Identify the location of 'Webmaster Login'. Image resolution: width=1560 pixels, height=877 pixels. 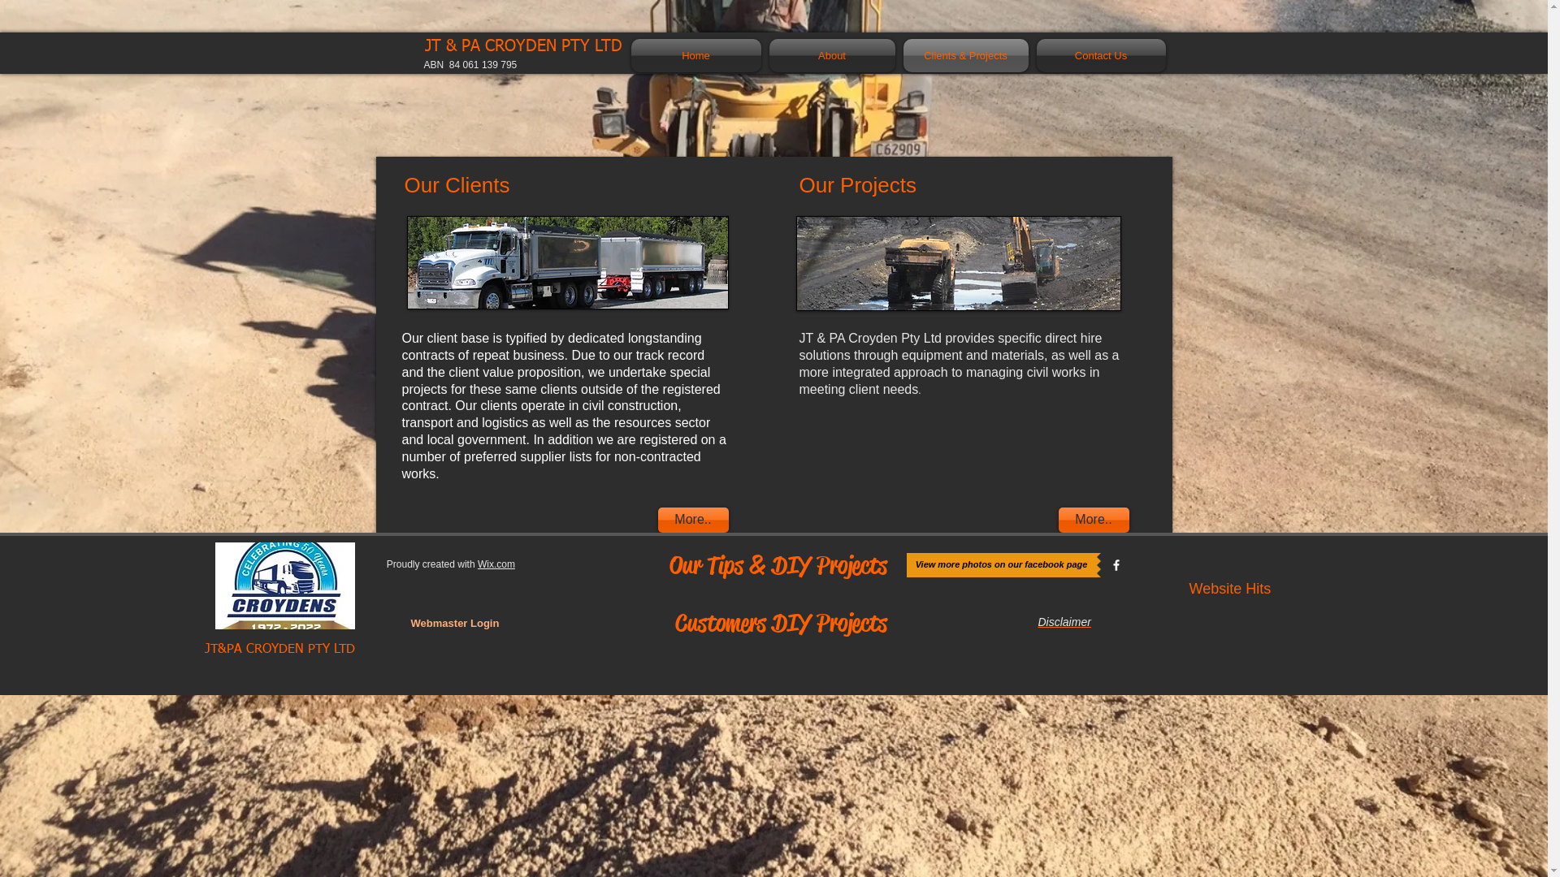
(454, 622).